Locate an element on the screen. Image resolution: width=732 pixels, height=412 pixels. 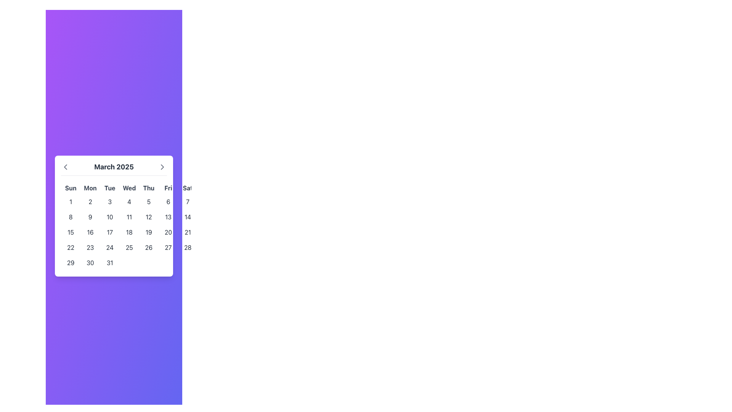
the date in the third row of the calendar grid is located at coordinates (129, 232).